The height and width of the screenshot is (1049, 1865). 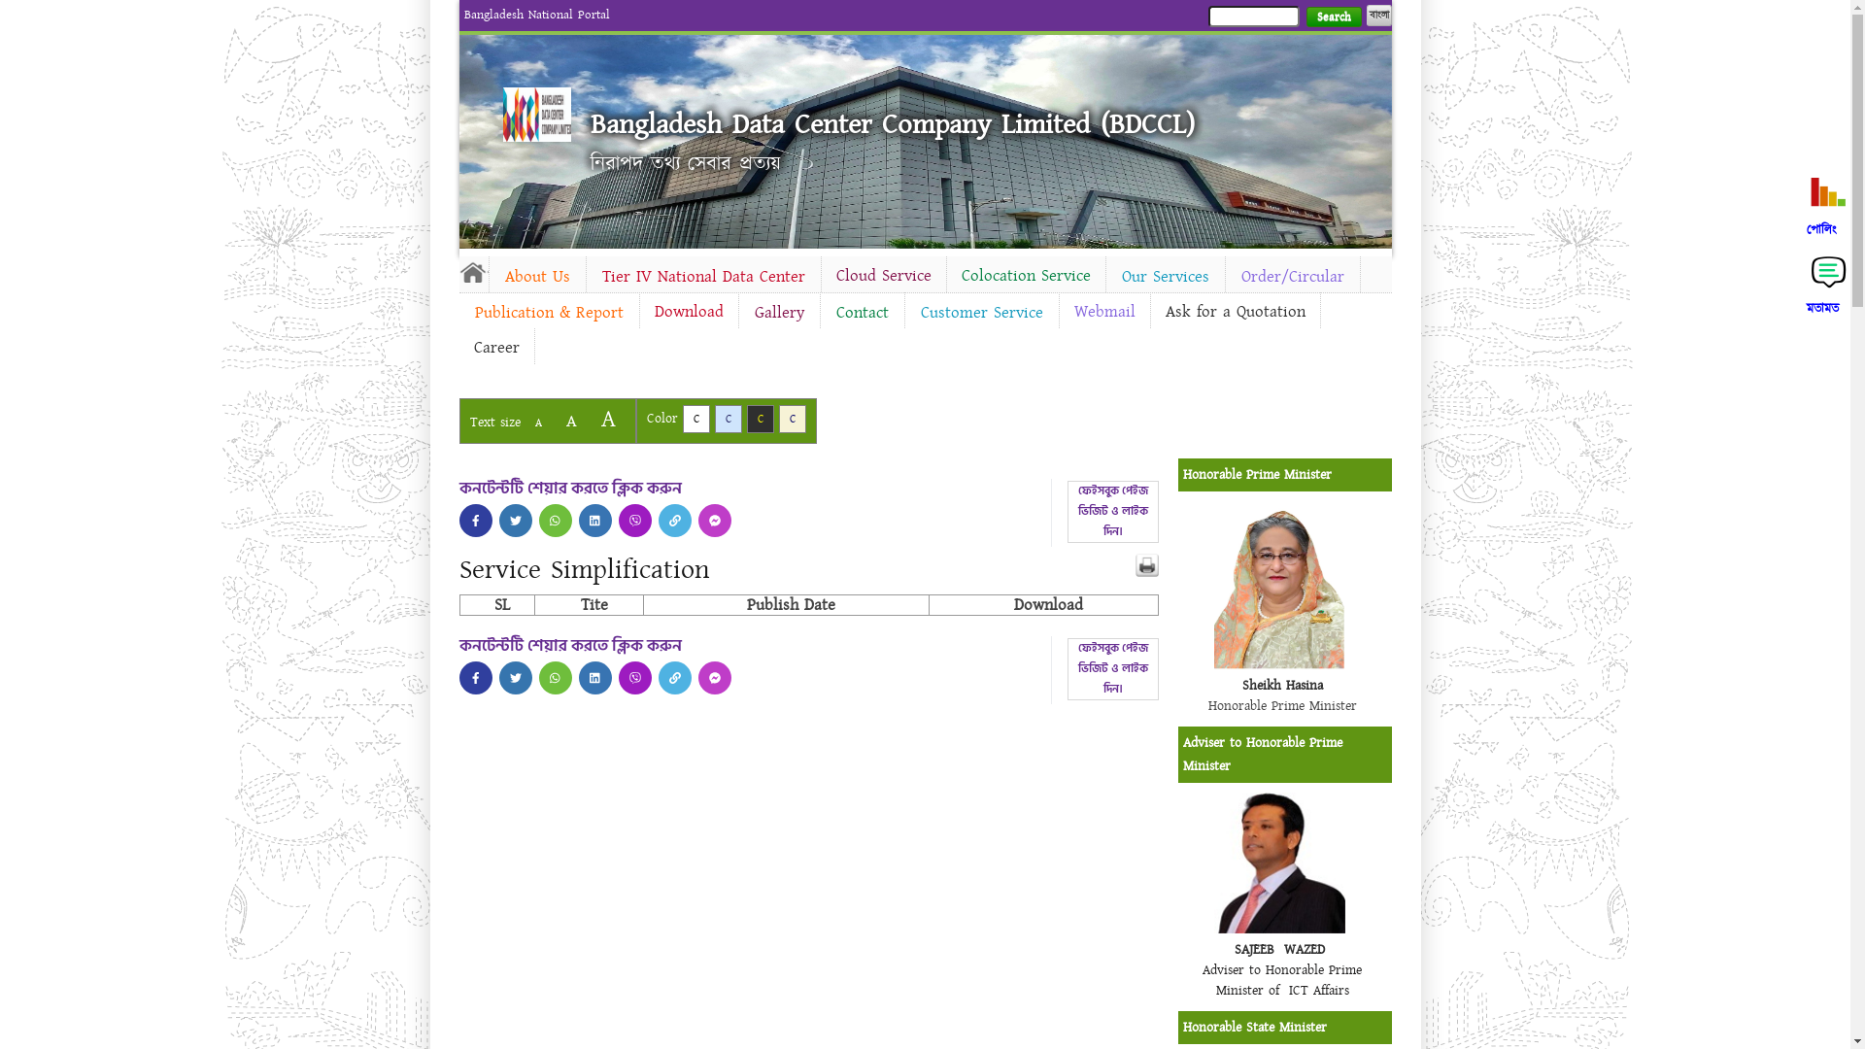 I want to click on 'Bangladesh National Portal', so click(x=536, y=15).